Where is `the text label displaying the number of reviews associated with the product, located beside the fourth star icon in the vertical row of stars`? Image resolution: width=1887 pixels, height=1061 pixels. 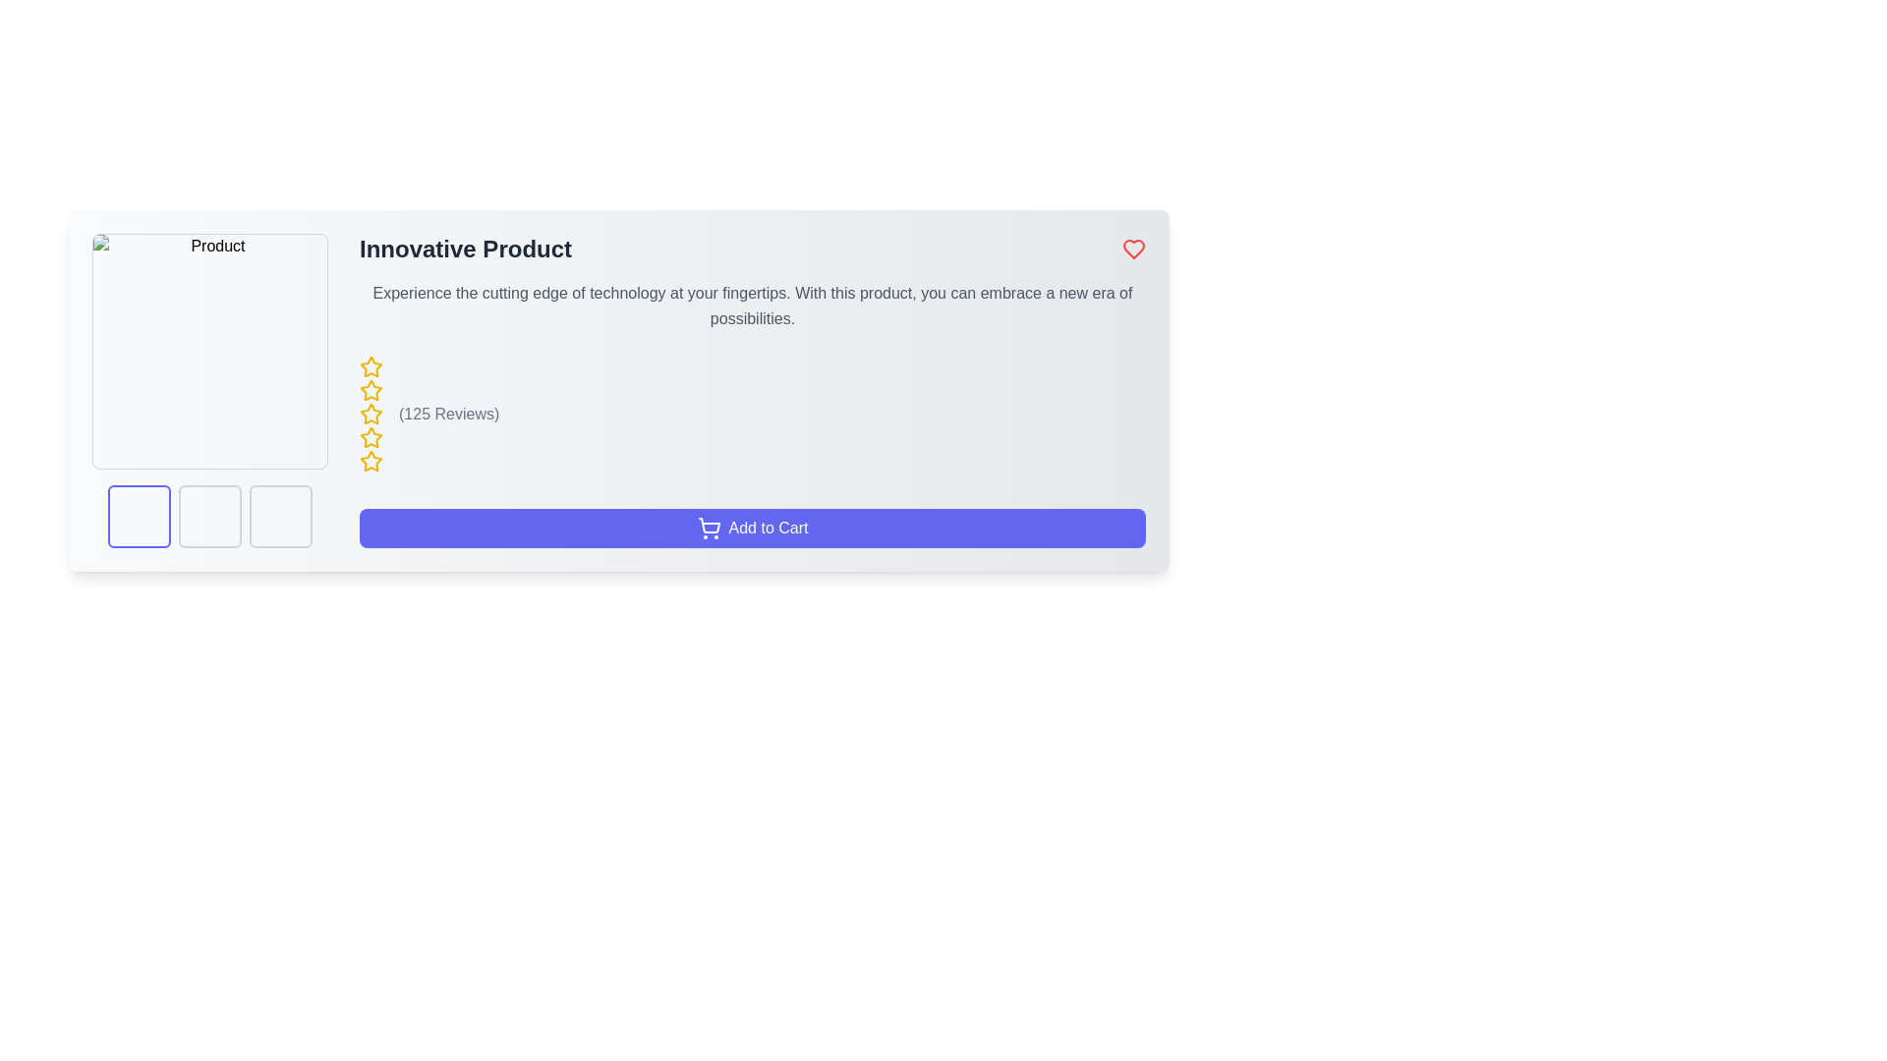 the text label displaying the number of reviews associated with the product, located beside the fourth star icon in the vertical row of stars is located at coordinates (448, 413).